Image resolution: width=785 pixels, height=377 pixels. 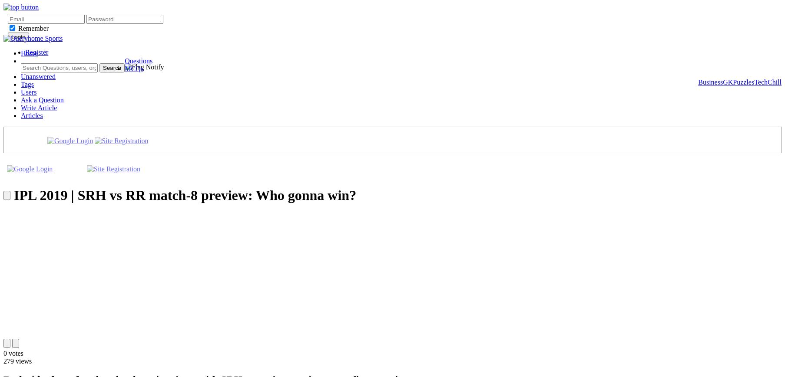 I want to click on 'Write Article', so click(x=38, y=107).